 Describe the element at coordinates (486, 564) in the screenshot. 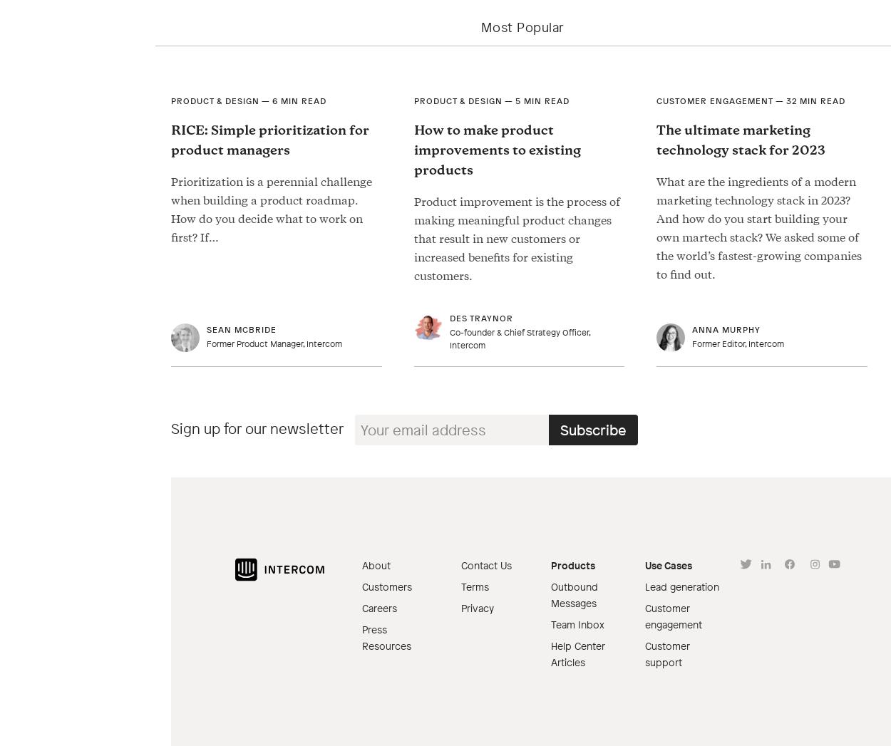

I see `'Contact Us'` at that location.